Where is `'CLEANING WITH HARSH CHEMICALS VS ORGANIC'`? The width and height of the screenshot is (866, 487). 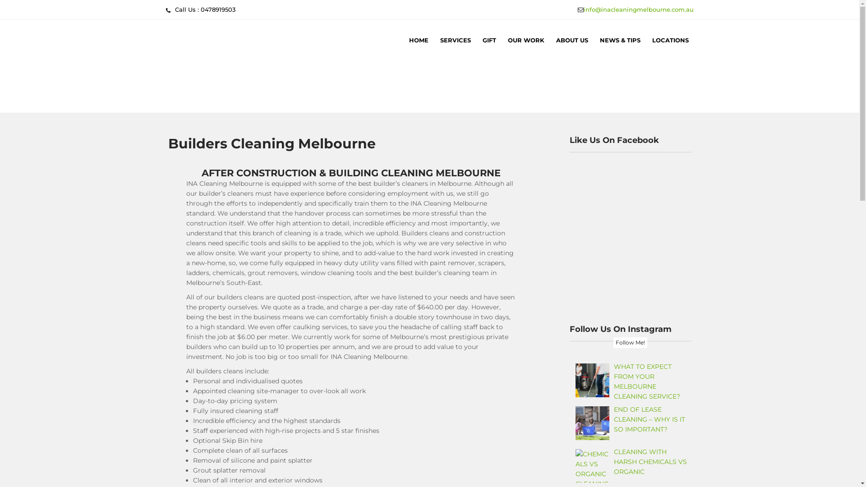 'CLEANING WITH HARSH CHEMICALS VS ORGANIC' is located at coordinates (613, 461).